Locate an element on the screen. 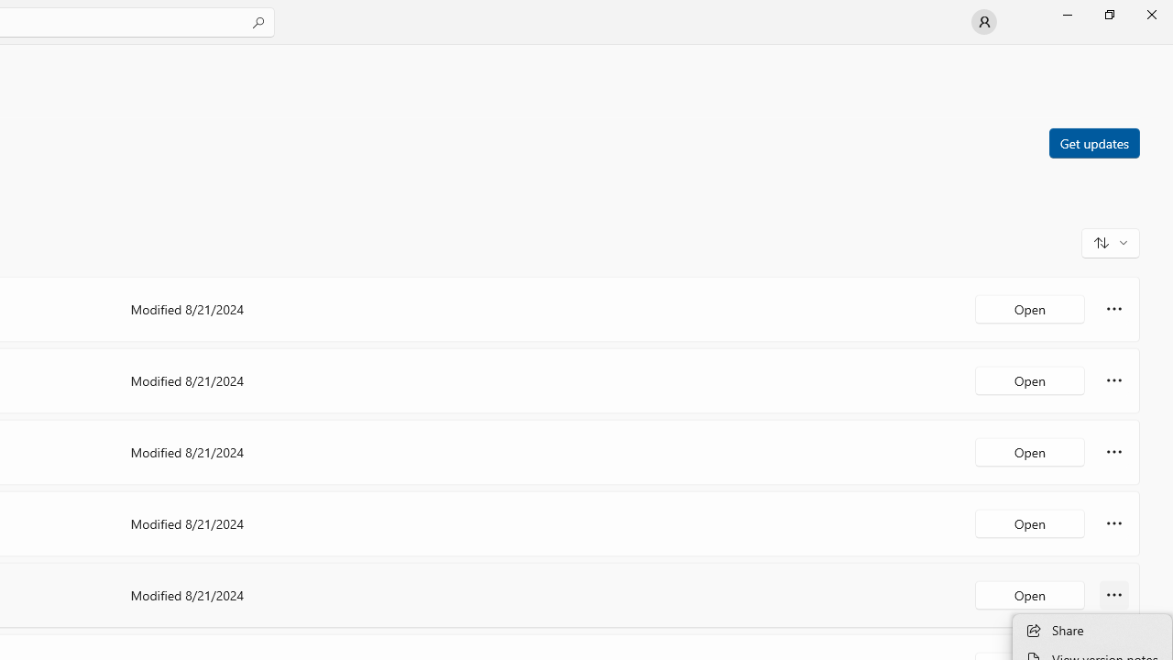 The image size is (1173, 660). 'User profile' is located at coordinates (982, 22).